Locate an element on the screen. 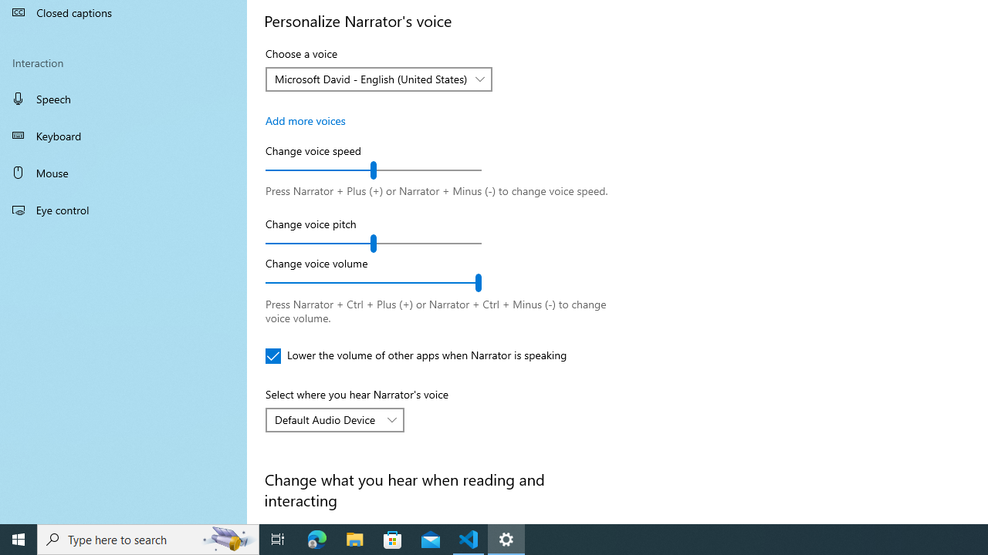 The height and width of the screenshot is (555, 988). 'Choose a voice' is located at coordinates (378, 79).